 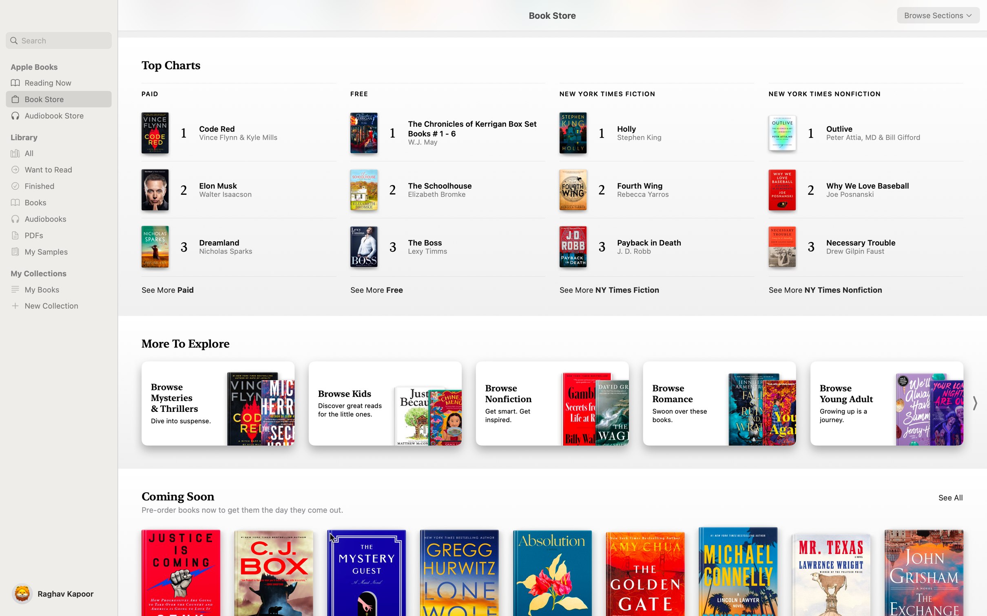 What do you see at coordinates (378, 288) in the screenshot?
I see `View the complete list of complimentary books in top charts` at bounding box center [378, 288].